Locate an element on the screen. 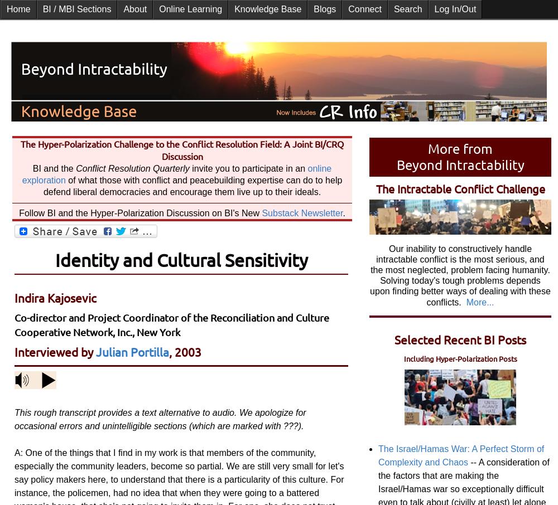  'Knowledge Base' is located at coordinates (267, 8).